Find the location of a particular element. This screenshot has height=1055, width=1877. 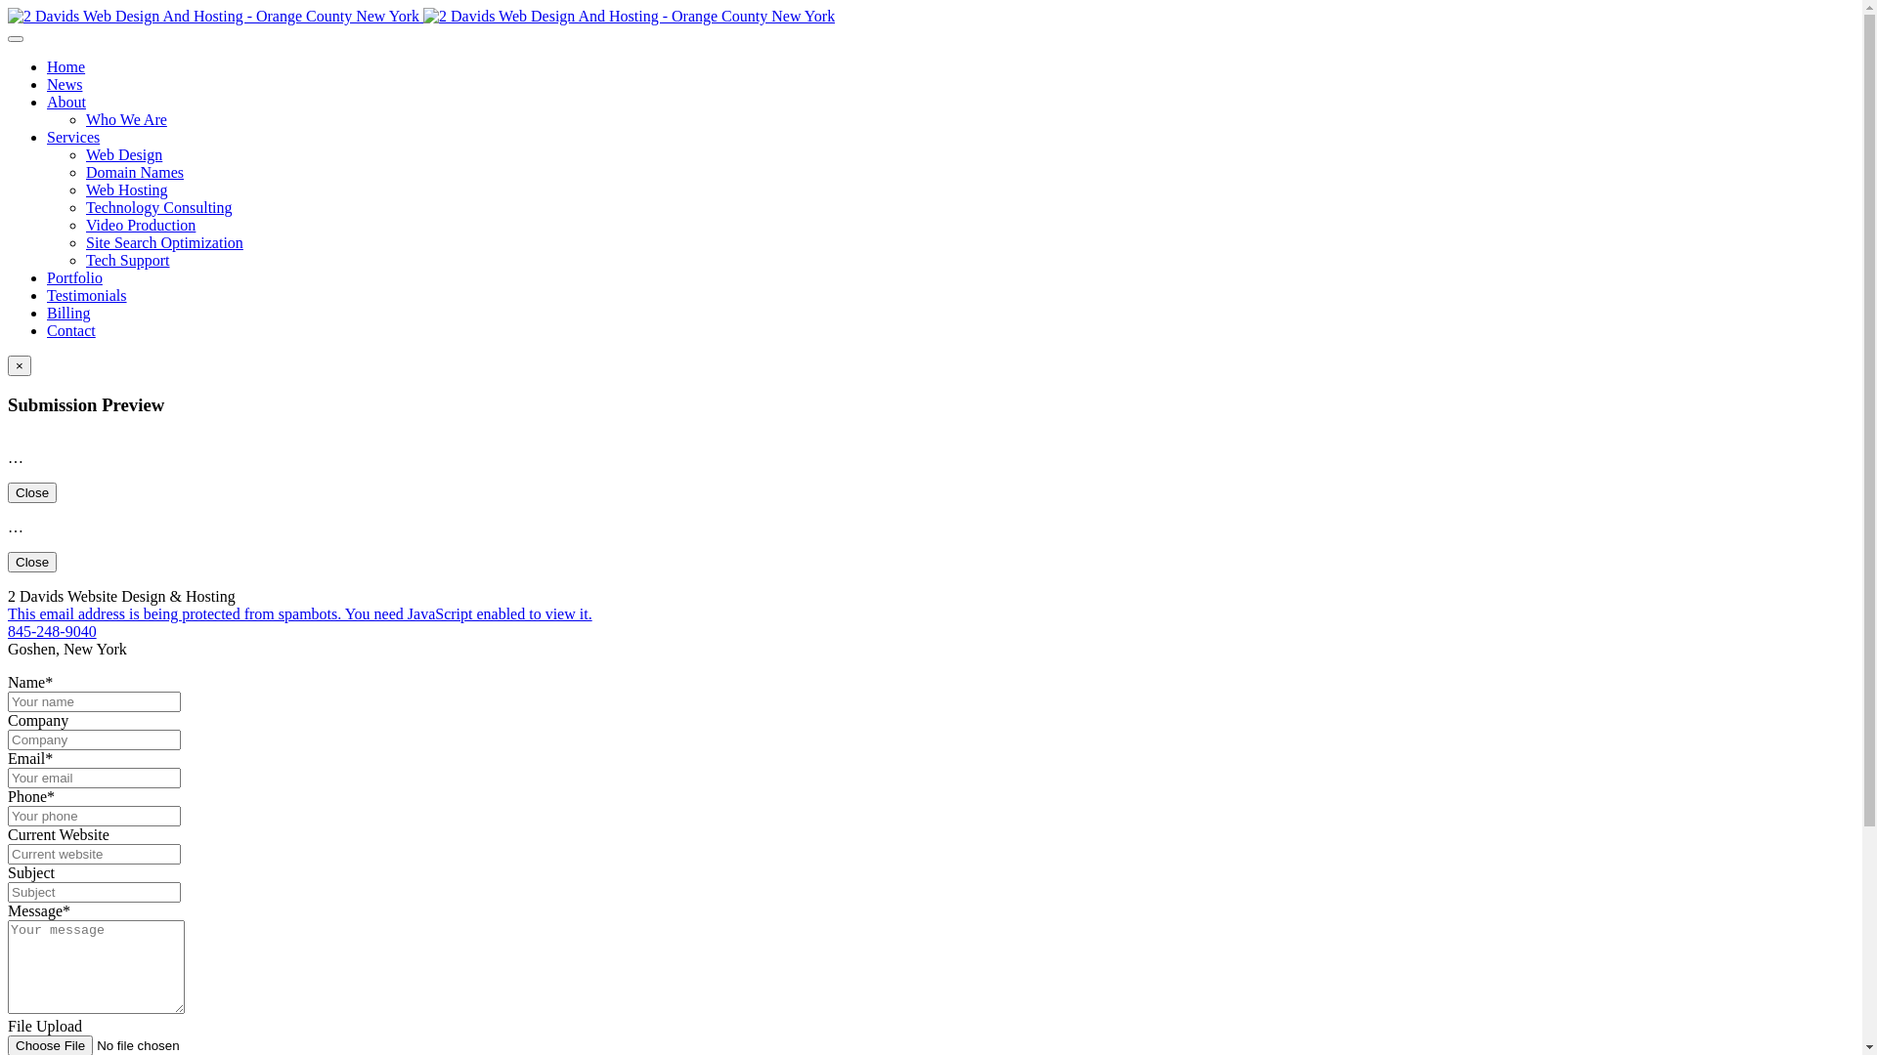

'About' is located at coordinates (65, 102).